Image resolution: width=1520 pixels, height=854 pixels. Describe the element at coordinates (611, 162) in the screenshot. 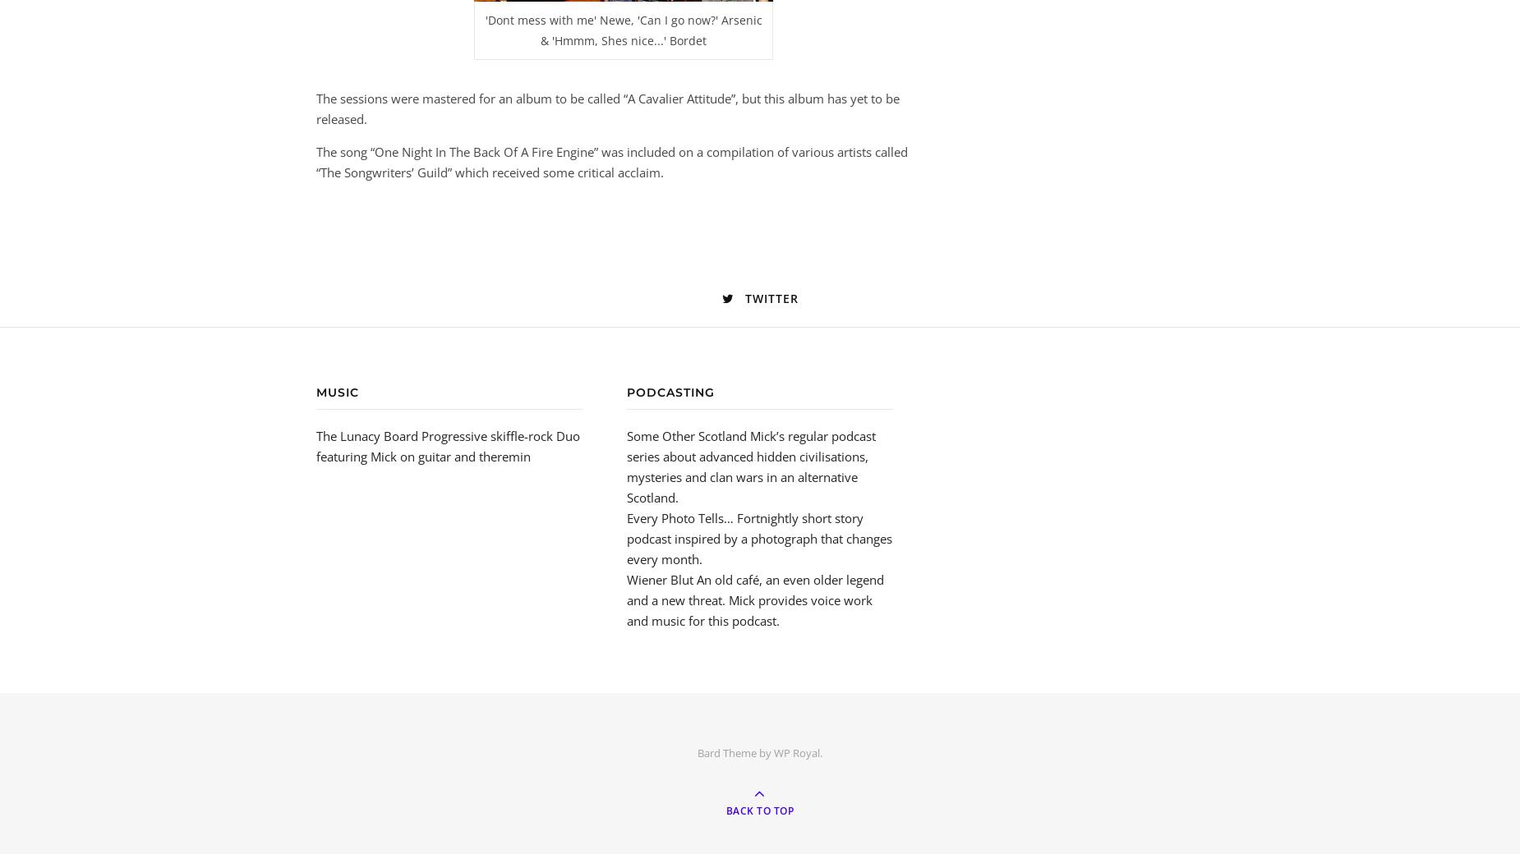

I see `'The song “One Night In The Back Of A Fire Engine” was included on a compilation of various artists called “The Songwriters’ Guild” which received some critical acclaim.'` at that location.